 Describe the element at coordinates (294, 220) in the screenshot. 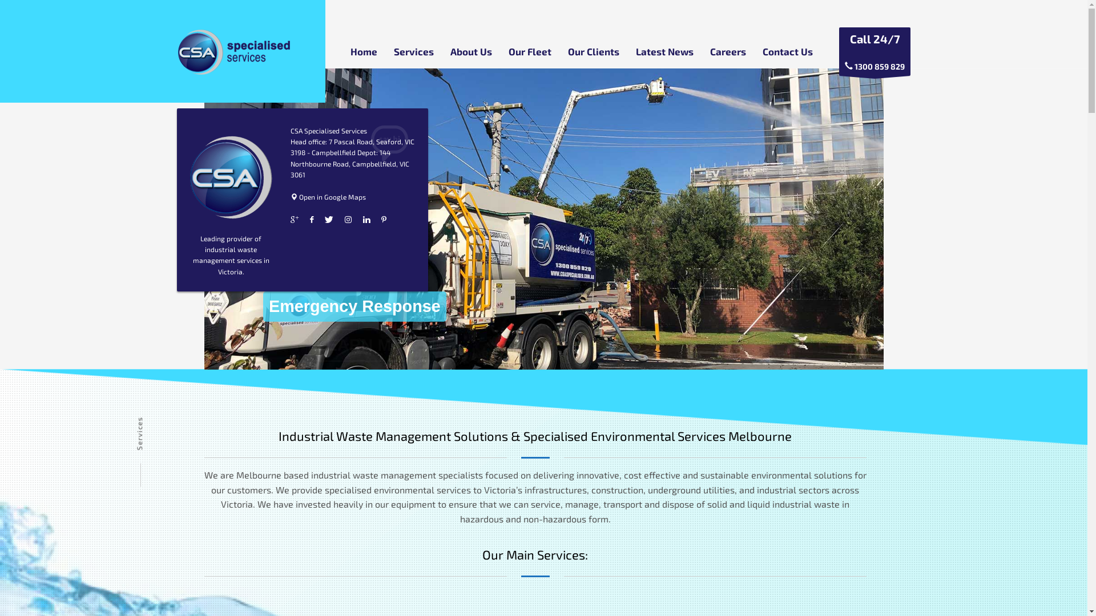

I see `'CSA Specialised Services Google Plus'` at that location.